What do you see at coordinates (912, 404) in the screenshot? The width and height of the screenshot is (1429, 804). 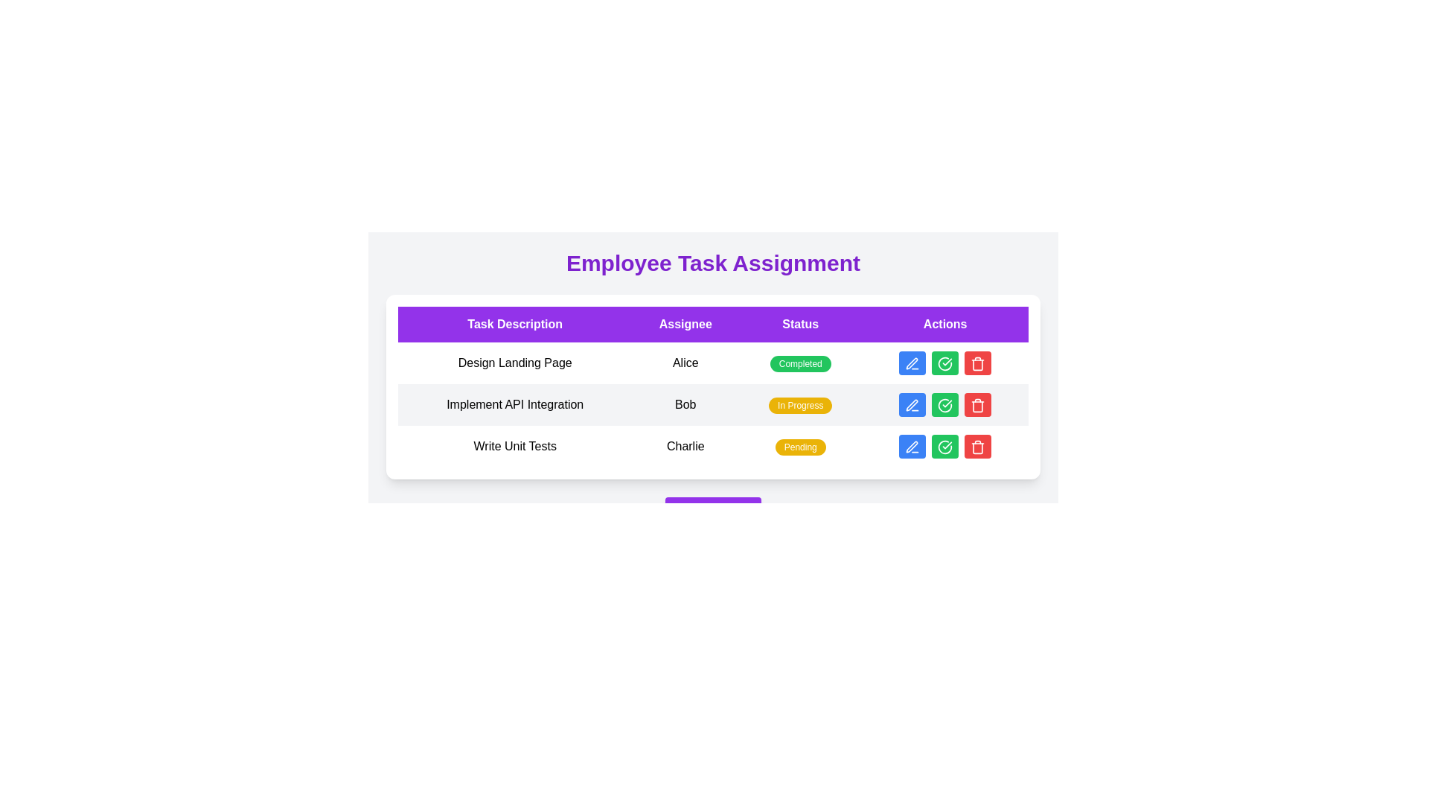 I see `the 'Edit' button in the 'Actions' column of the task 'Implement API Integration' assigned to 'Bob'` at bounding box center [912, 404].